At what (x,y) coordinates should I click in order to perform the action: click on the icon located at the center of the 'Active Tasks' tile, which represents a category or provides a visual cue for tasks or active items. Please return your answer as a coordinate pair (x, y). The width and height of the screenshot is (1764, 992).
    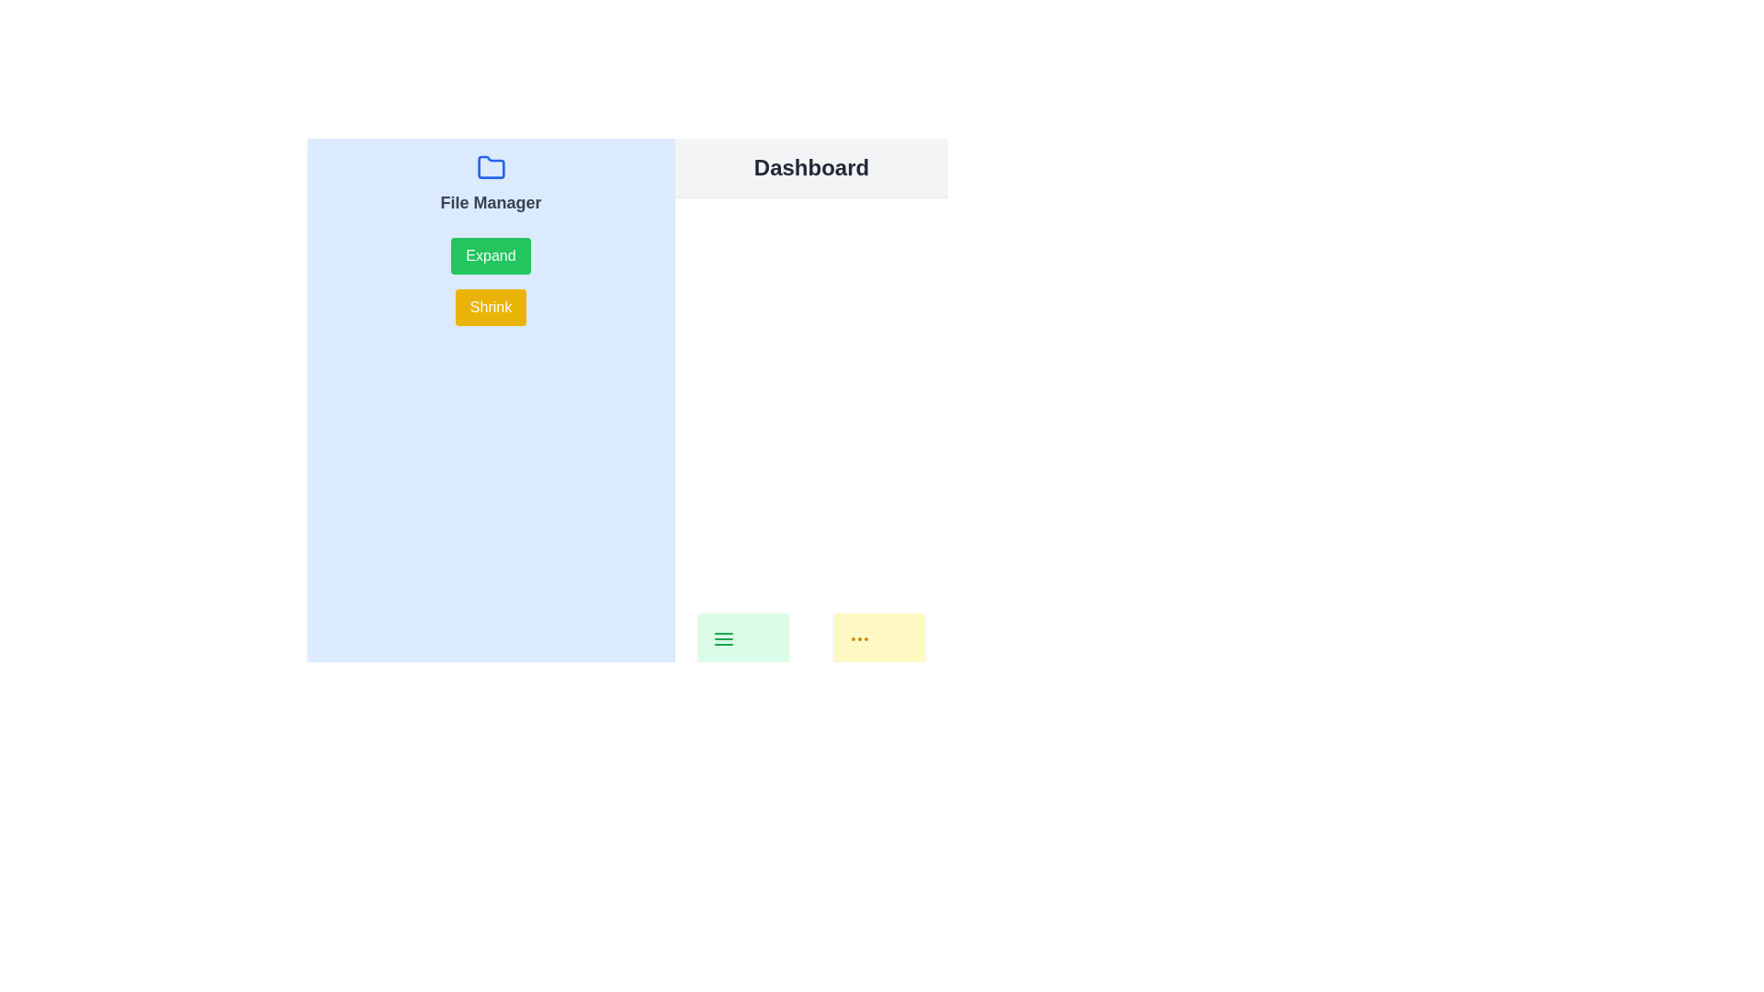
    Looking at the image, I should click on (722, 637).